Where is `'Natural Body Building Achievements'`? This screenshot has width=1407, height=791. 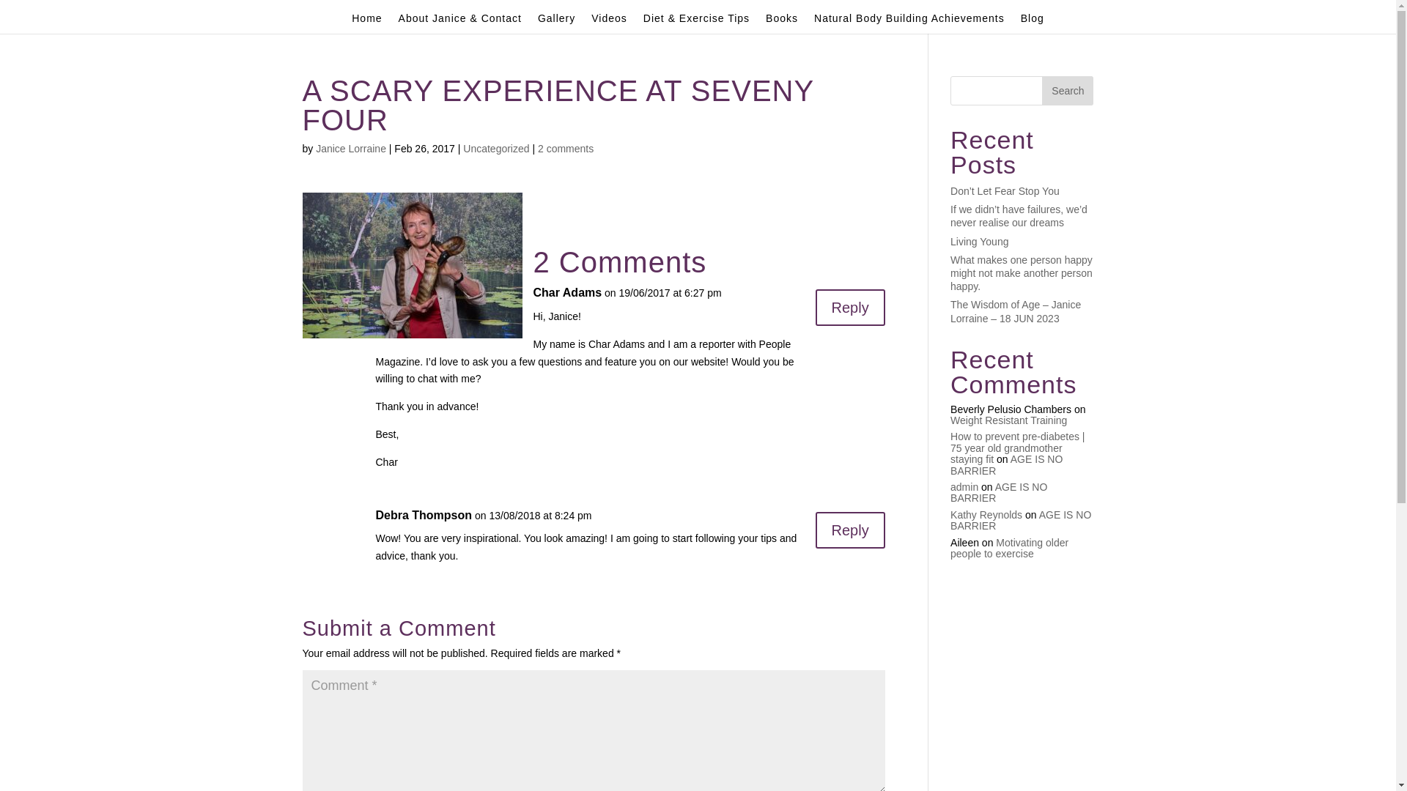 'Natural Body Building Achievements' is located at coordinates (909, 23).